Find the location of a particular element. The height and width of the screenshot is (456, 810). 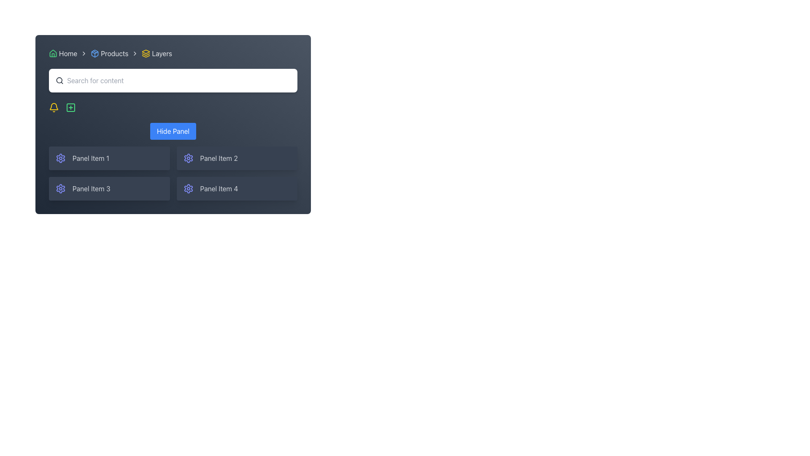

the yellow bell-shaped notification icon located above the green plus-shaped button in the top-left area of the interface is located at coordinates (54, 106).